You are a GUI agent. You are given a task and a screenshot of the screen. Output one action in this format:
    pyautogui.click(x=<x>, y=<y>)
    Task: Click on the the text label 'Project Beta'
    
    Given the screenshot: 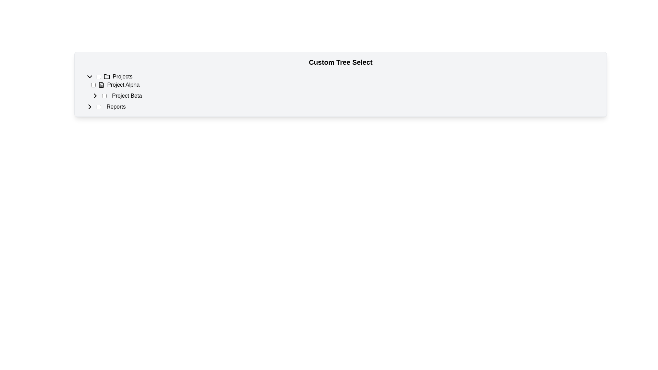 What is the action you would take?
    pyautogui.click(x=127, y=96)
    